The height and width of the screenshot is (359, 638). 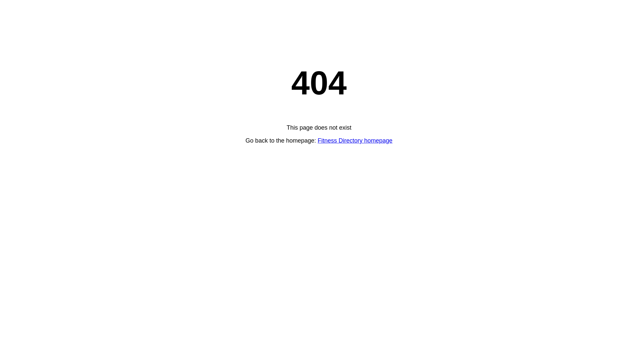 I want to click on 'Fitness Directory homepage', so click(x=355, y=140).